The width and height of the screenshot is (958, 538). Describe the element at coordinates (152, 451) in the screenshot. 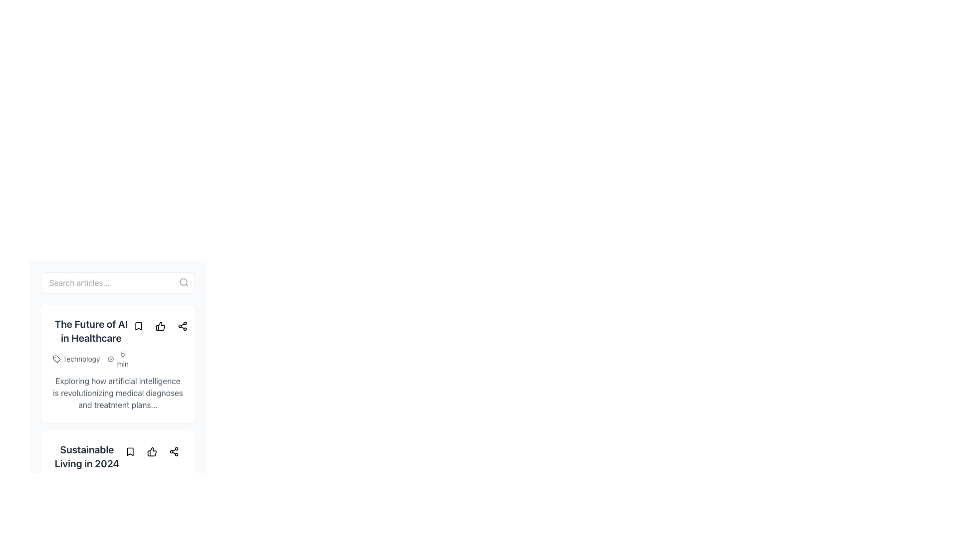

I see `the thumbs-up button located in the horizontal row of controls below the 'Sustainable Living in 2024' article` at that location.